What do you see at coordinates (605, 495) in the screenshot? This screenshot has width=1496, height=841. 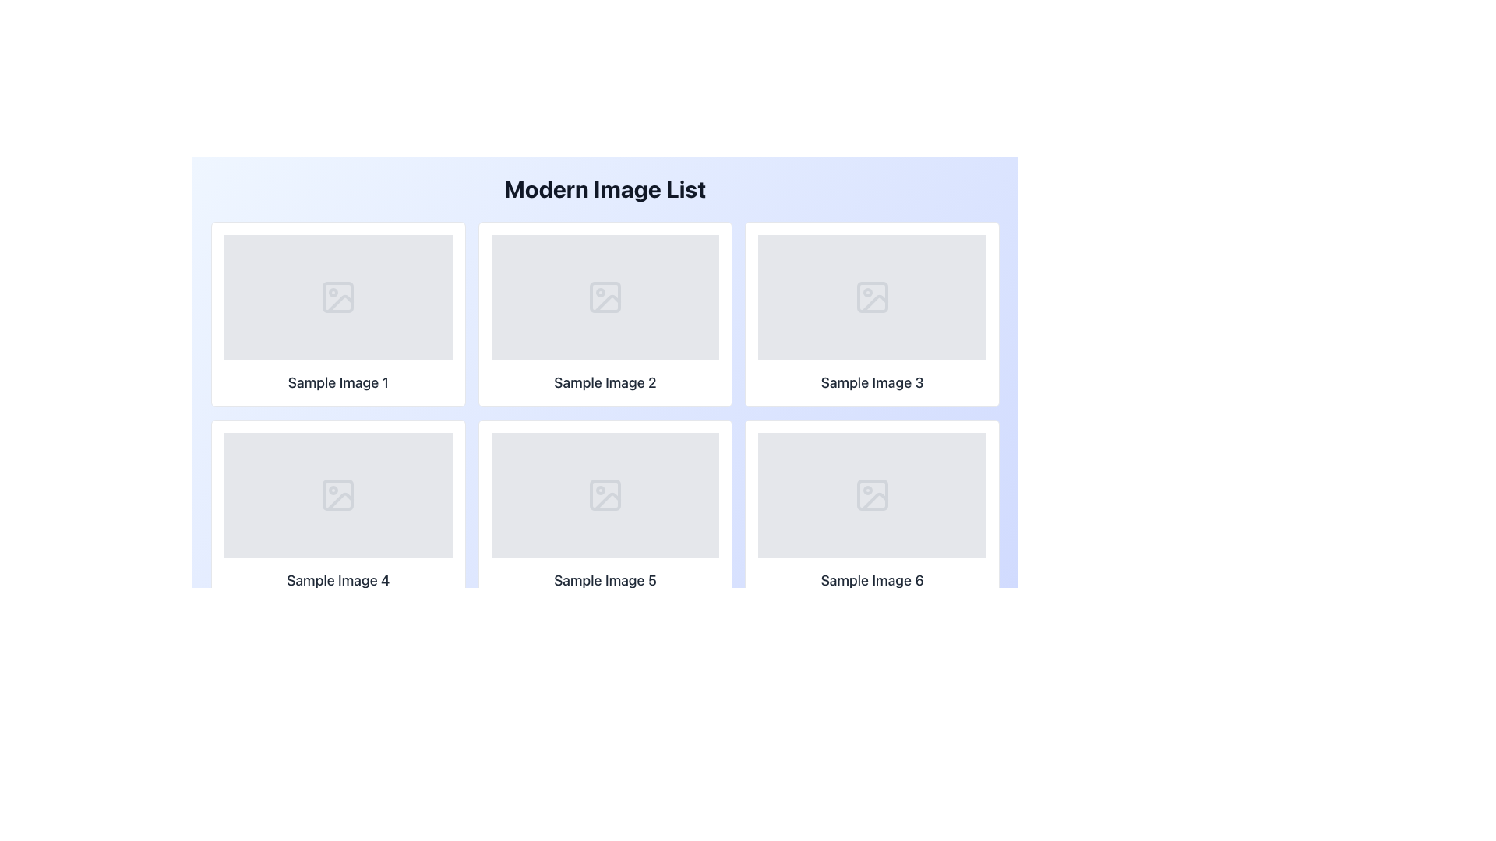 I see `the image placeholder component labeled 'Sample Image 5'` at bounding box center [605, 495].